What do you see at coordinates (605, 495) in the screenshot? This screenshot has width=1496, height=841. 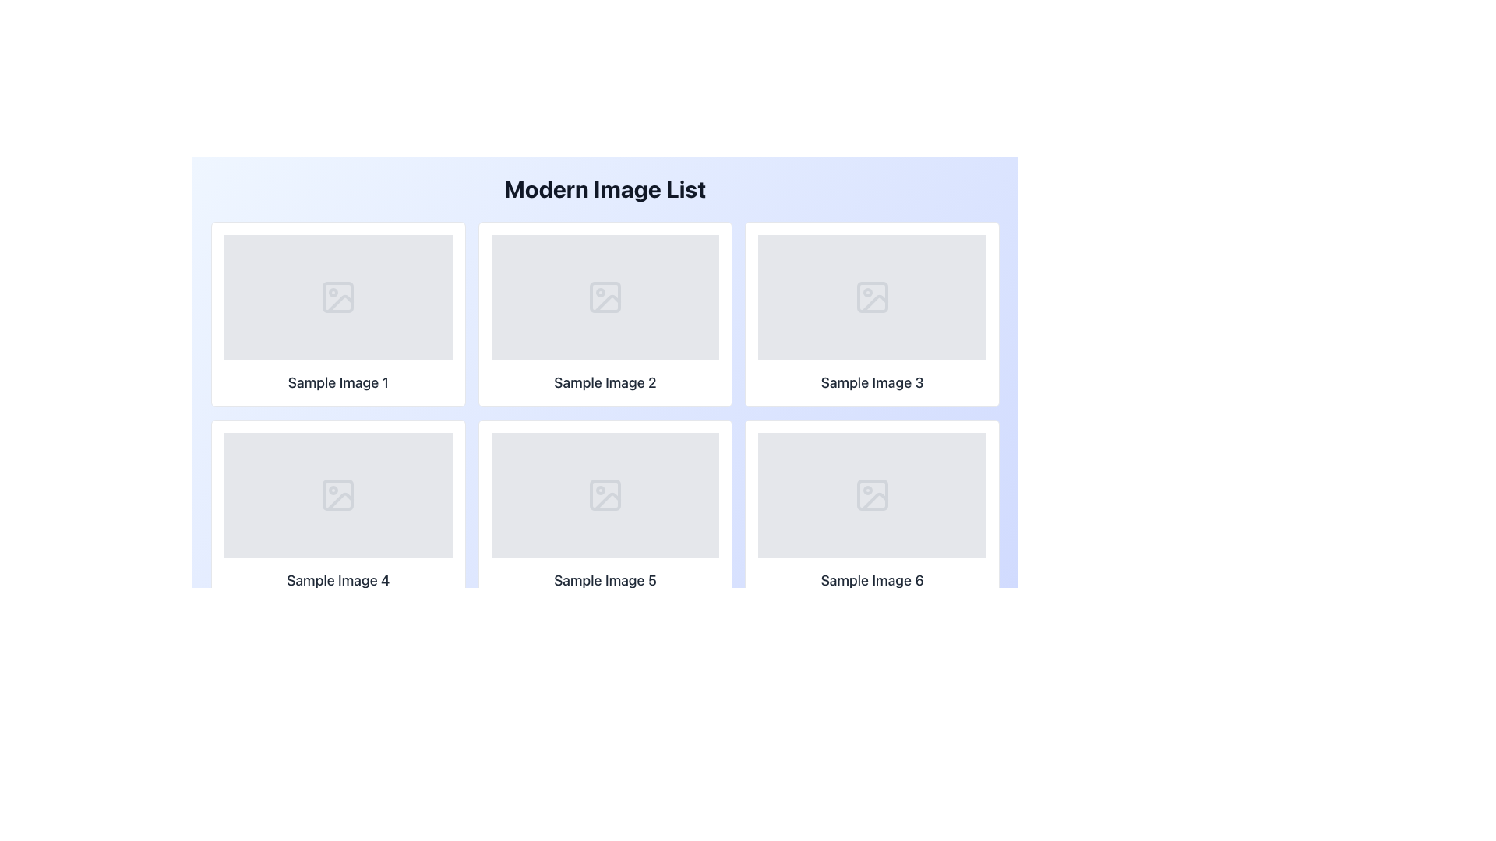 I see `the image placeholder component labeled 'Sample Image 5'` at bounding box center [605, 495].